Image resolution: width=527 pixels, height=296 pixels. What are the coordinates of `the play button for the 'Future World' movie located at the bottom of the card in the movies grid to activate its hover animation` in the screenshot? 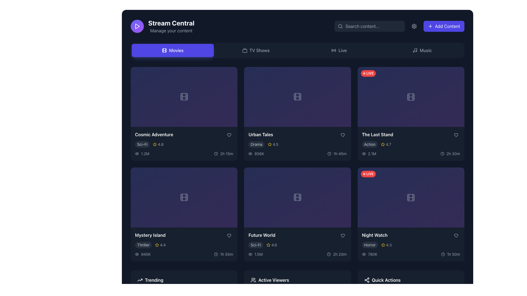 It's located at (297, 218).